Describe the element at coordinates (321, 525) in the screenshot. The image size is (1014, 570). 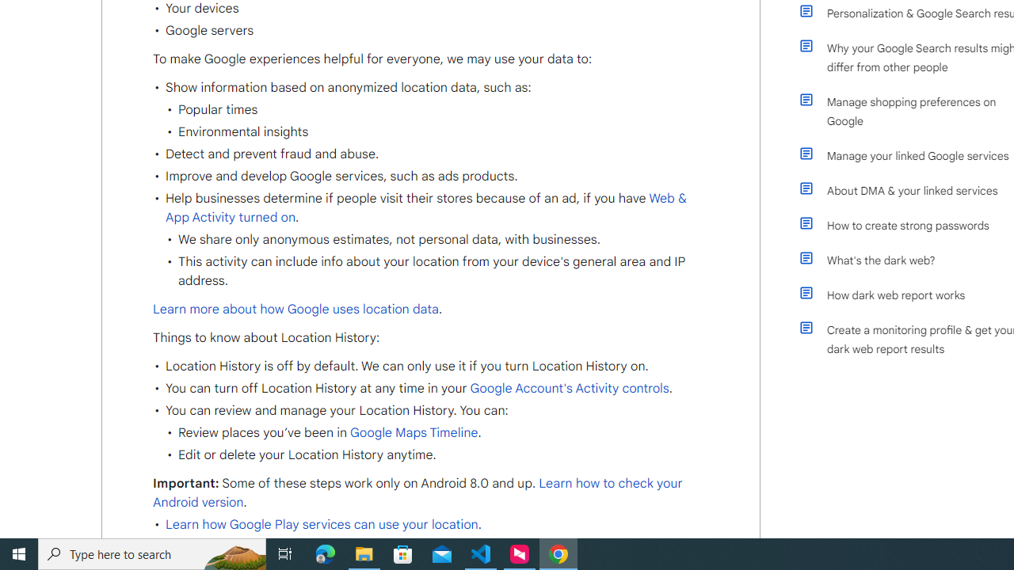
I see `'Learn how Google Play services can use your location'` at that location.